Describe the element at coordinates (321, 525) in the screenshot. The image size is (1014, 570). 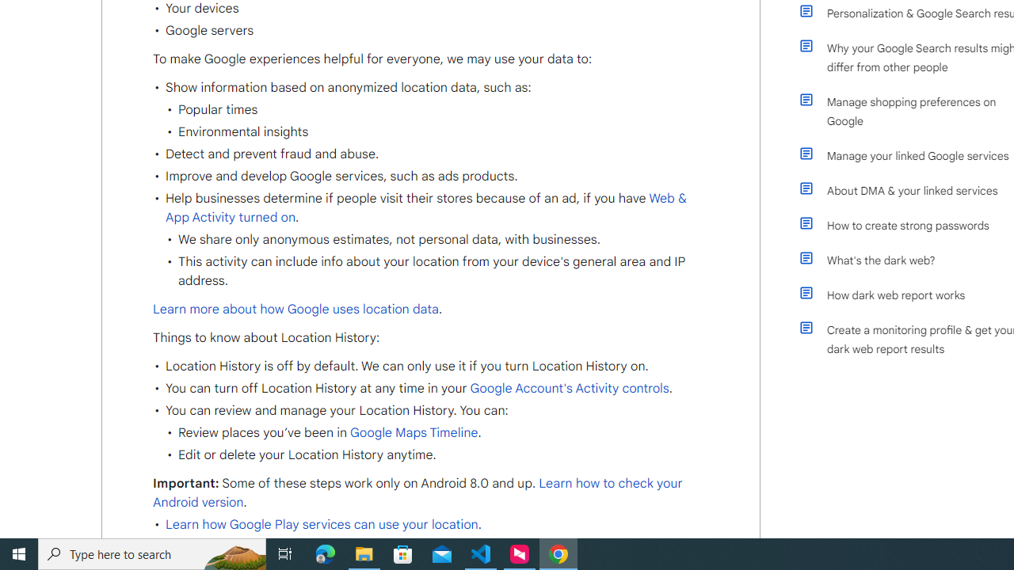
I see `'Learn how Google Play services can use your location'` at that location.